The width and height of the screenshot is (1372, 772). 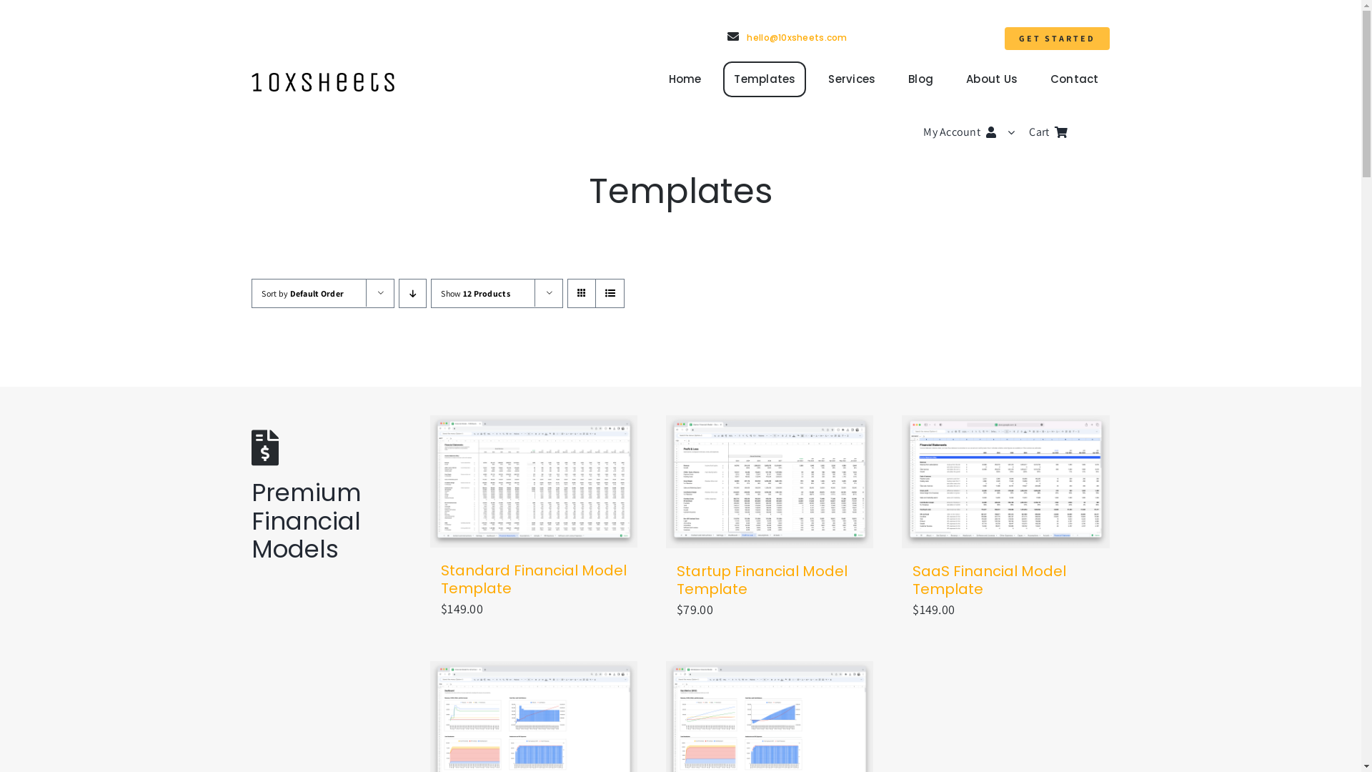 I want to click on 'My Account', so click(x=923, y=132).